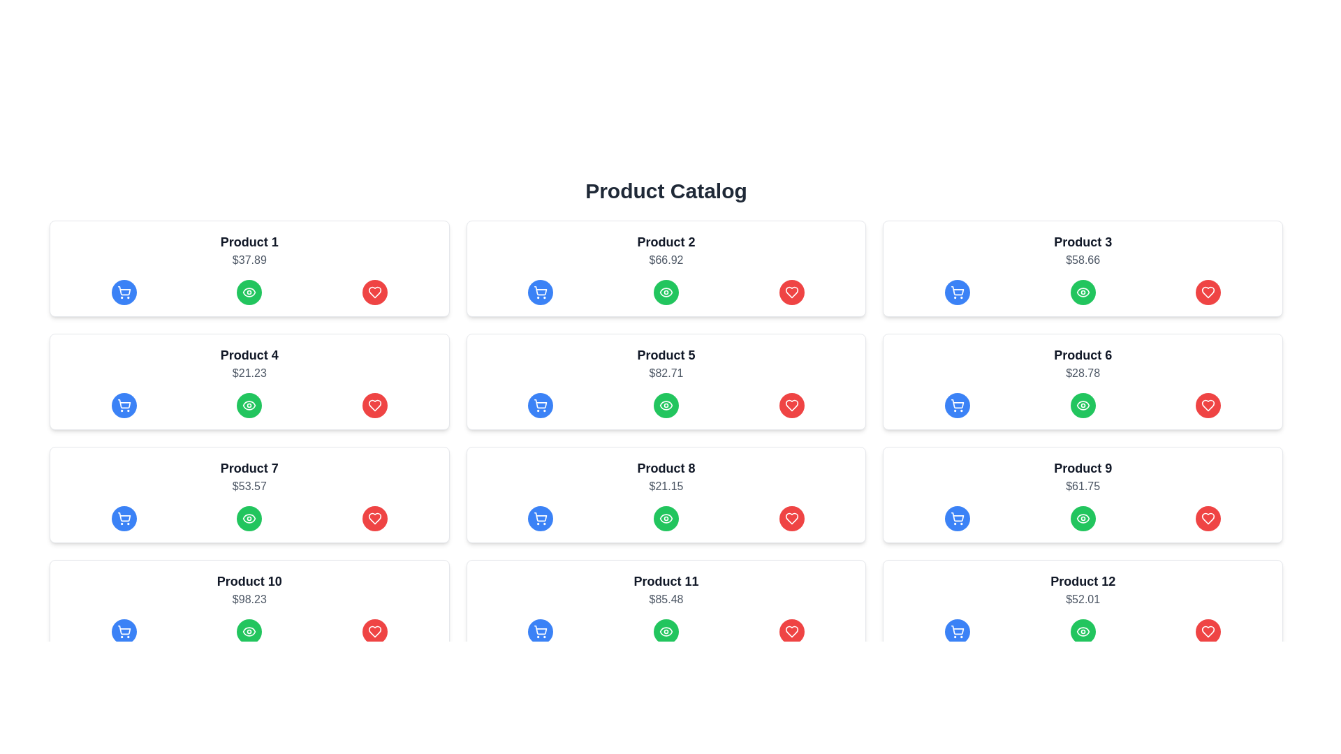 The height and width of the screenshot is (754, 1341). What do you see at coordinates (374, 519) in the screenshot?
I see `the rightmost icon in the 'Product 7' card for advanced interactions` at bounding box center [374, 519].